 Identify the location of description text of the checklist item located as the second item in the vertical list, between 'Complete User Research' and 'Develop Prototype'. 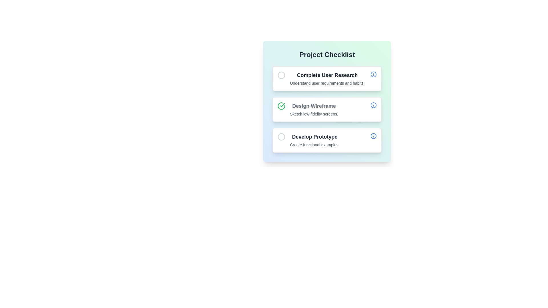
(327, 110).